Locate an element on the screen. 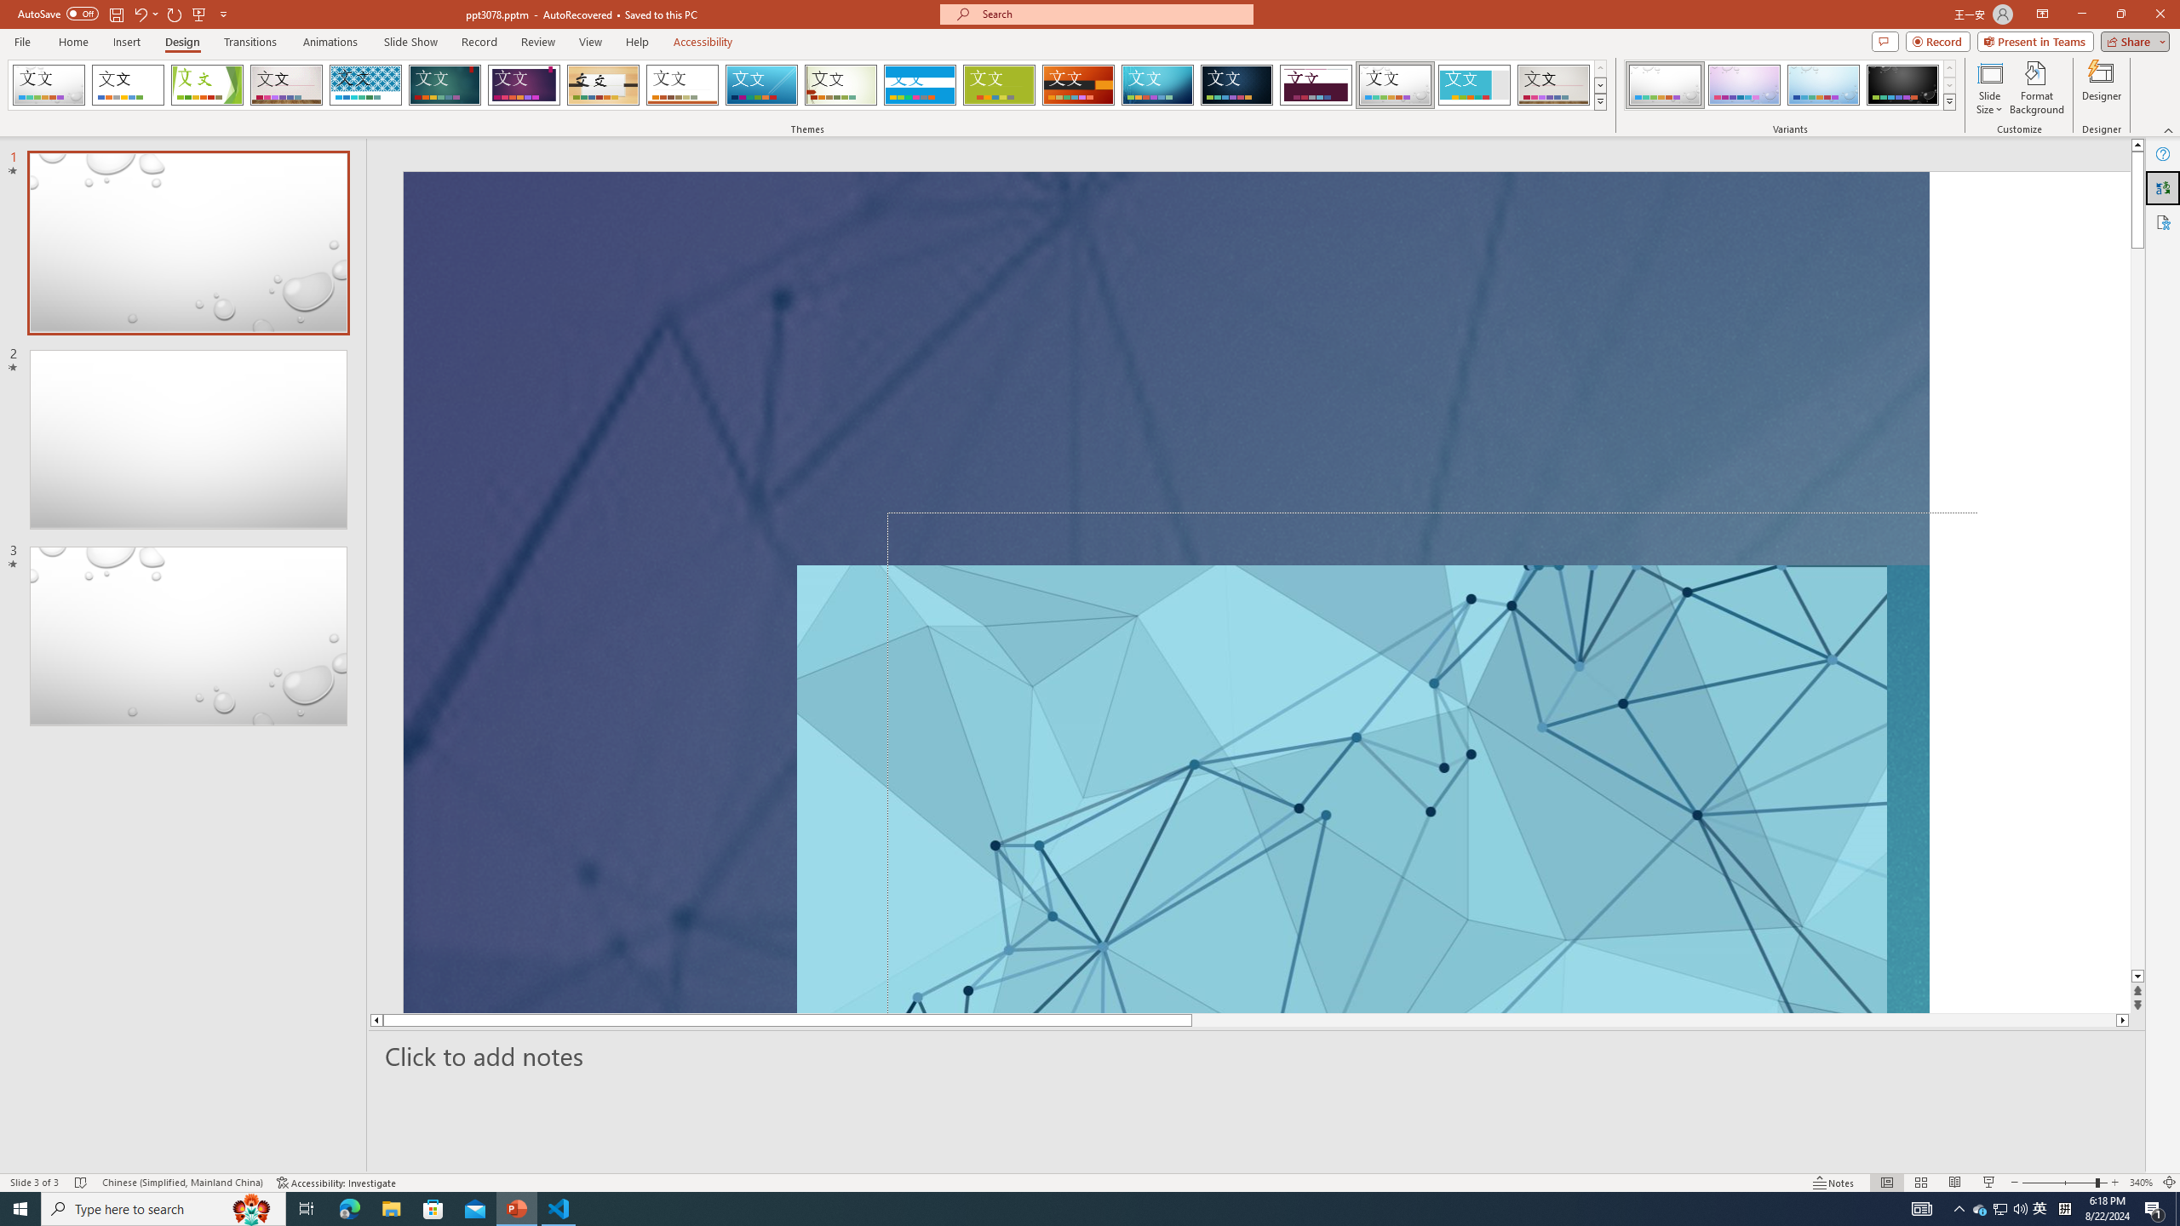 The image size is (2180, 1226). 'Wisp' is located at coordinates (840, 84).